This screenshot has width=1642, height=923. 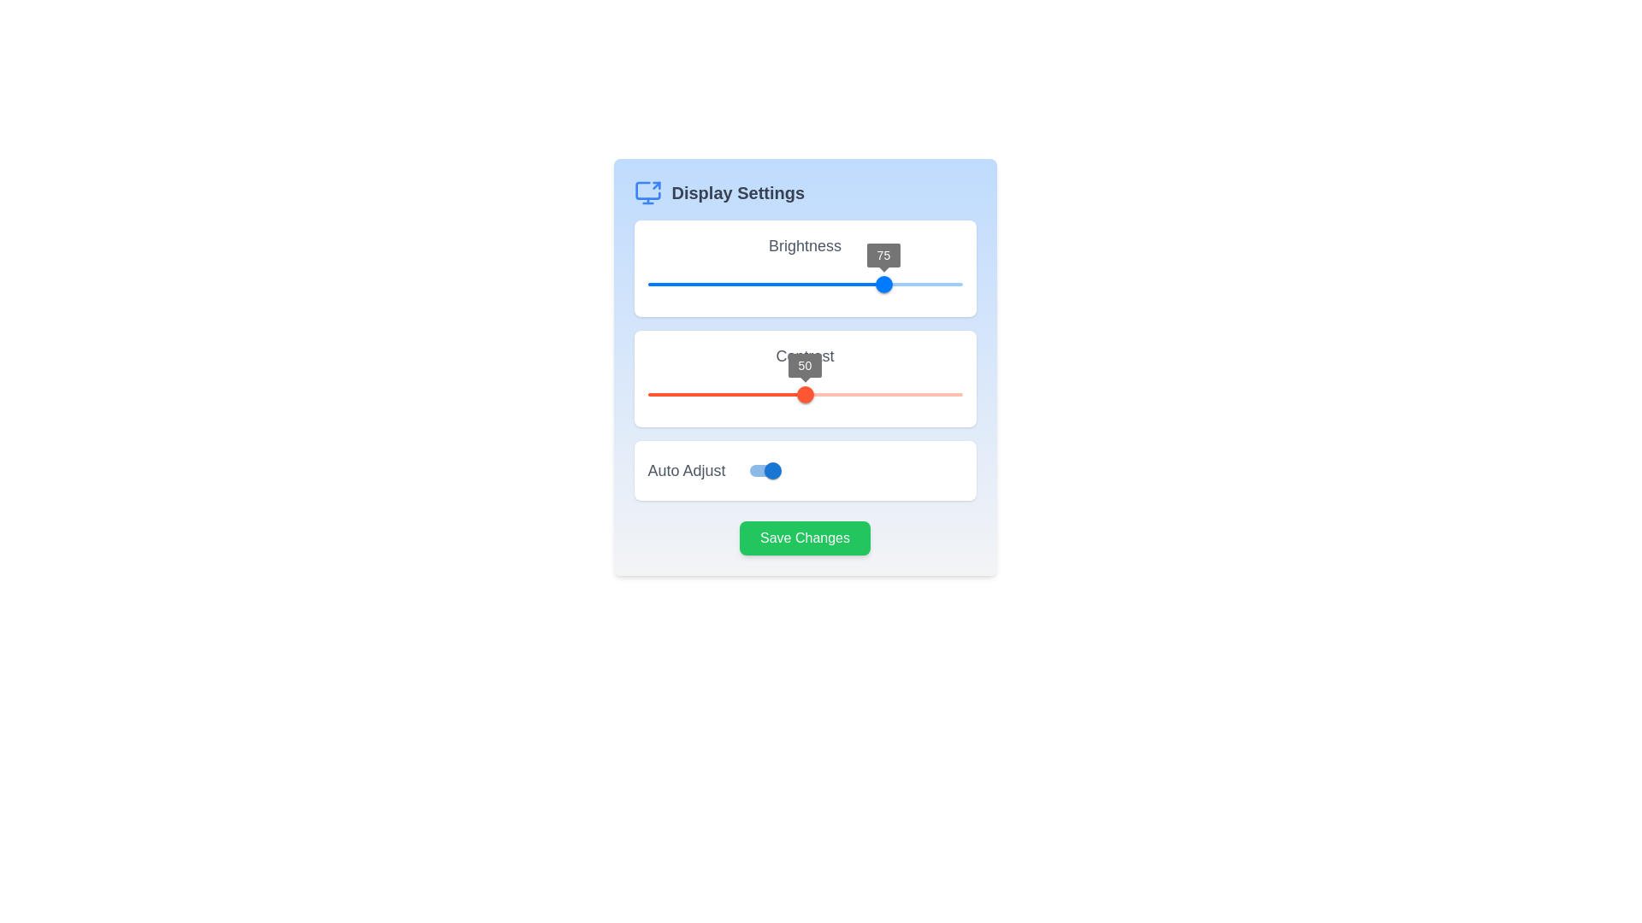 What do you see at coordinates (871, 283) in the screenshot?
I see `the brightness level` at bounding box center [871, 283].